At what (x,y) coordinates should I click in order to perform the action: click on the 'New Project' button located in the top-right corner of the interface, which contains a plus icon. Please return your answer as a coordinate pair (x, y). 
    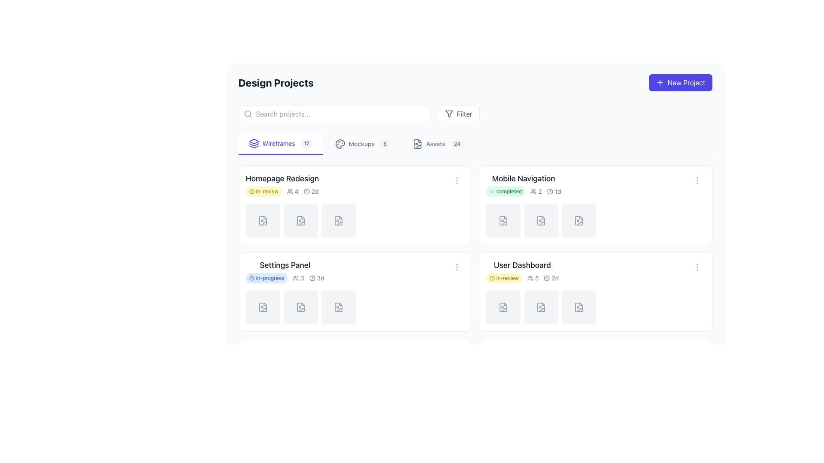
    Looking at the image, I should click on (659, 82).